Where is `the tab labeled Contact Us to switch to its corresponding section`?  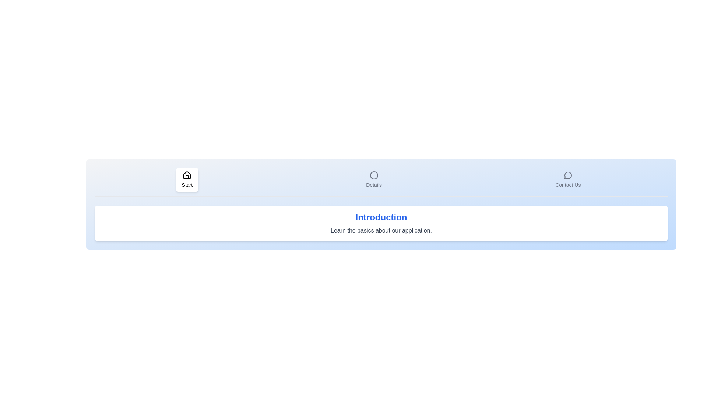
the tab labeled Contact Us to switch to its corresponding section is located at coordinates (567, 180).